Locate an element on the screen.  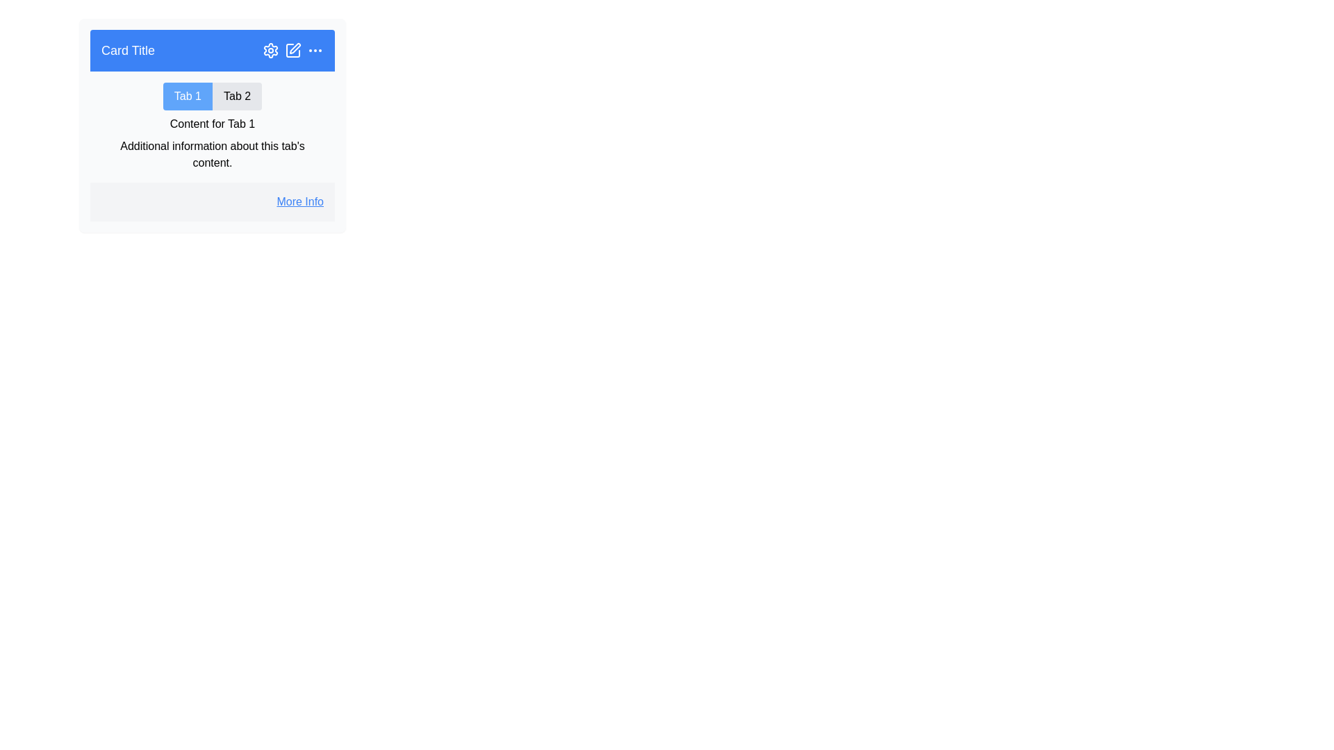
the second tab in the horizontal tab list below the 'Card Title' header is located at coordinates (237, 95).